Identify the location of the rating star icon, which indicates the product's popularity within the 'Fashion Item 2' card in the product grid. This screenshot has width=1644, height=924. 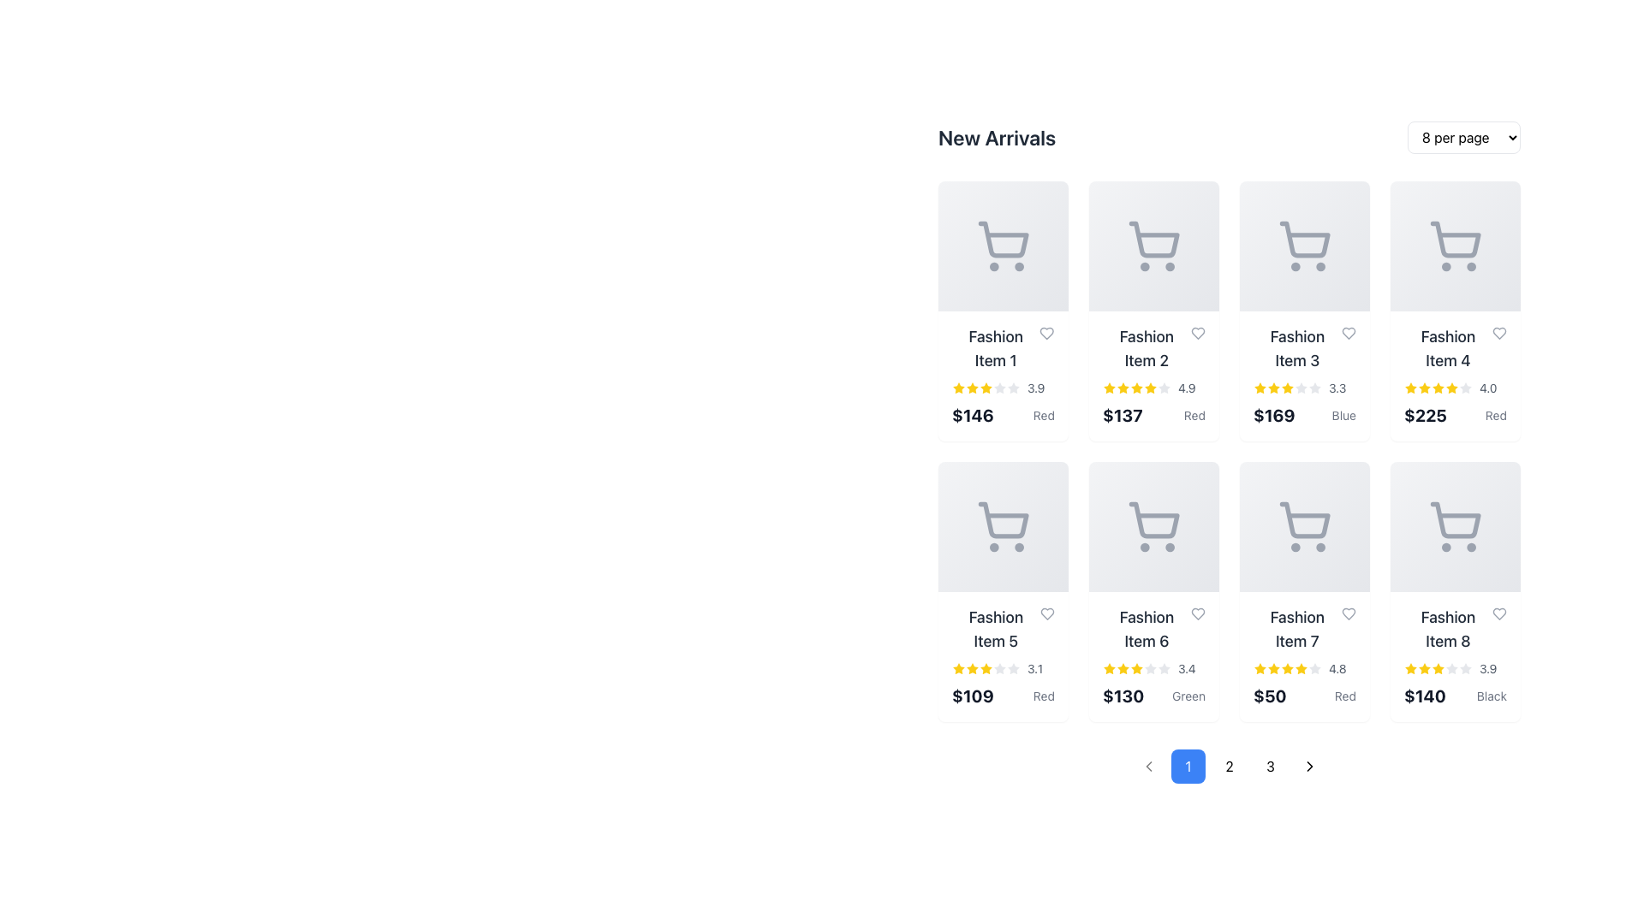
(1151, 388).